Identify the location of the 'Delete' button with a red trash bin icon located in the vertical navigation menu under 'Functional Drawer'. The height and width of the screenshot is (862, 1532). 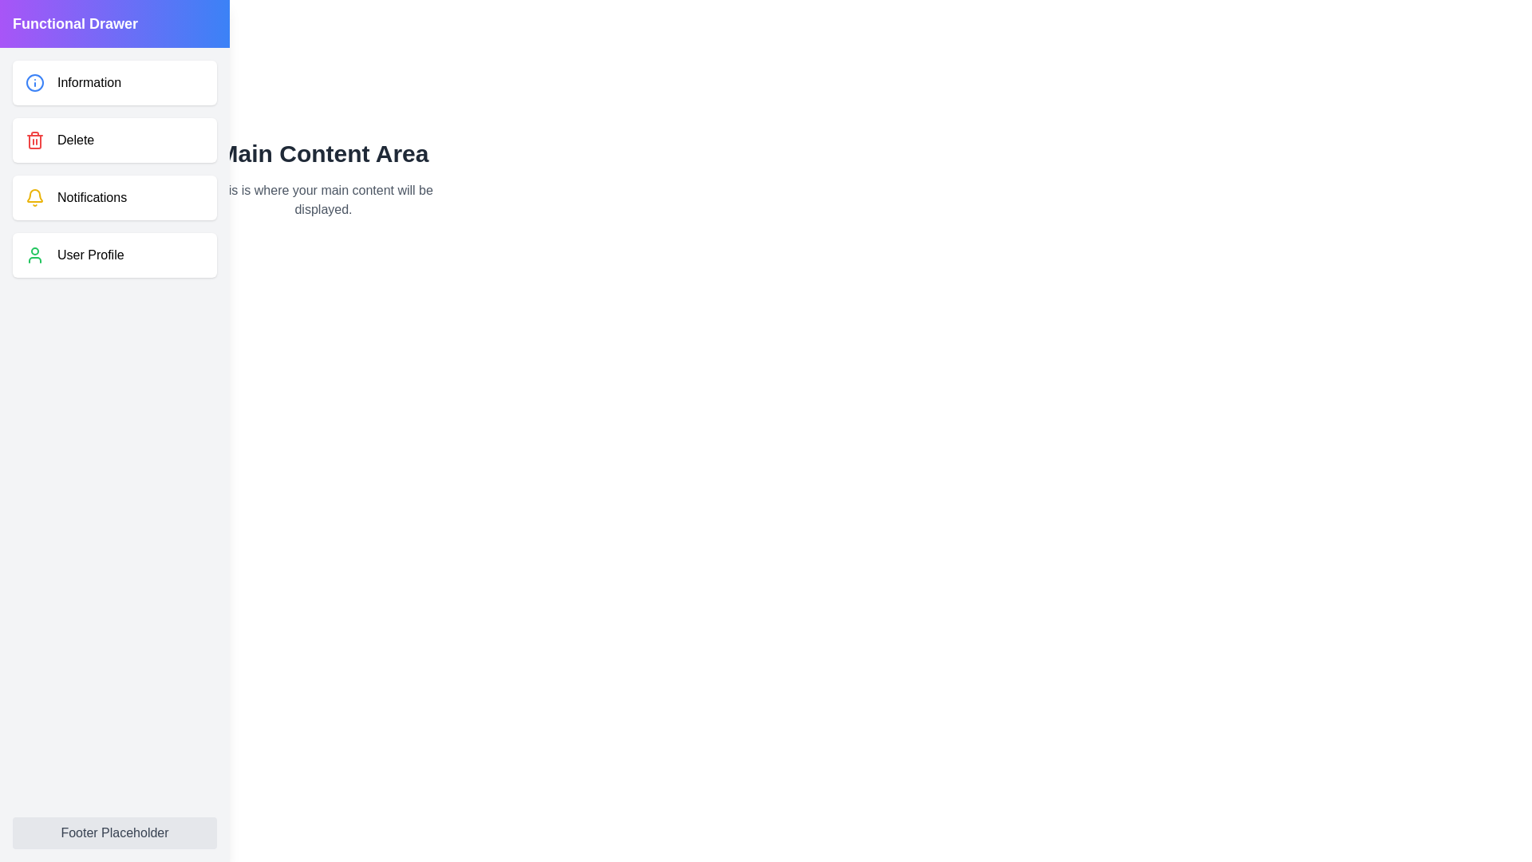
(114, 140).